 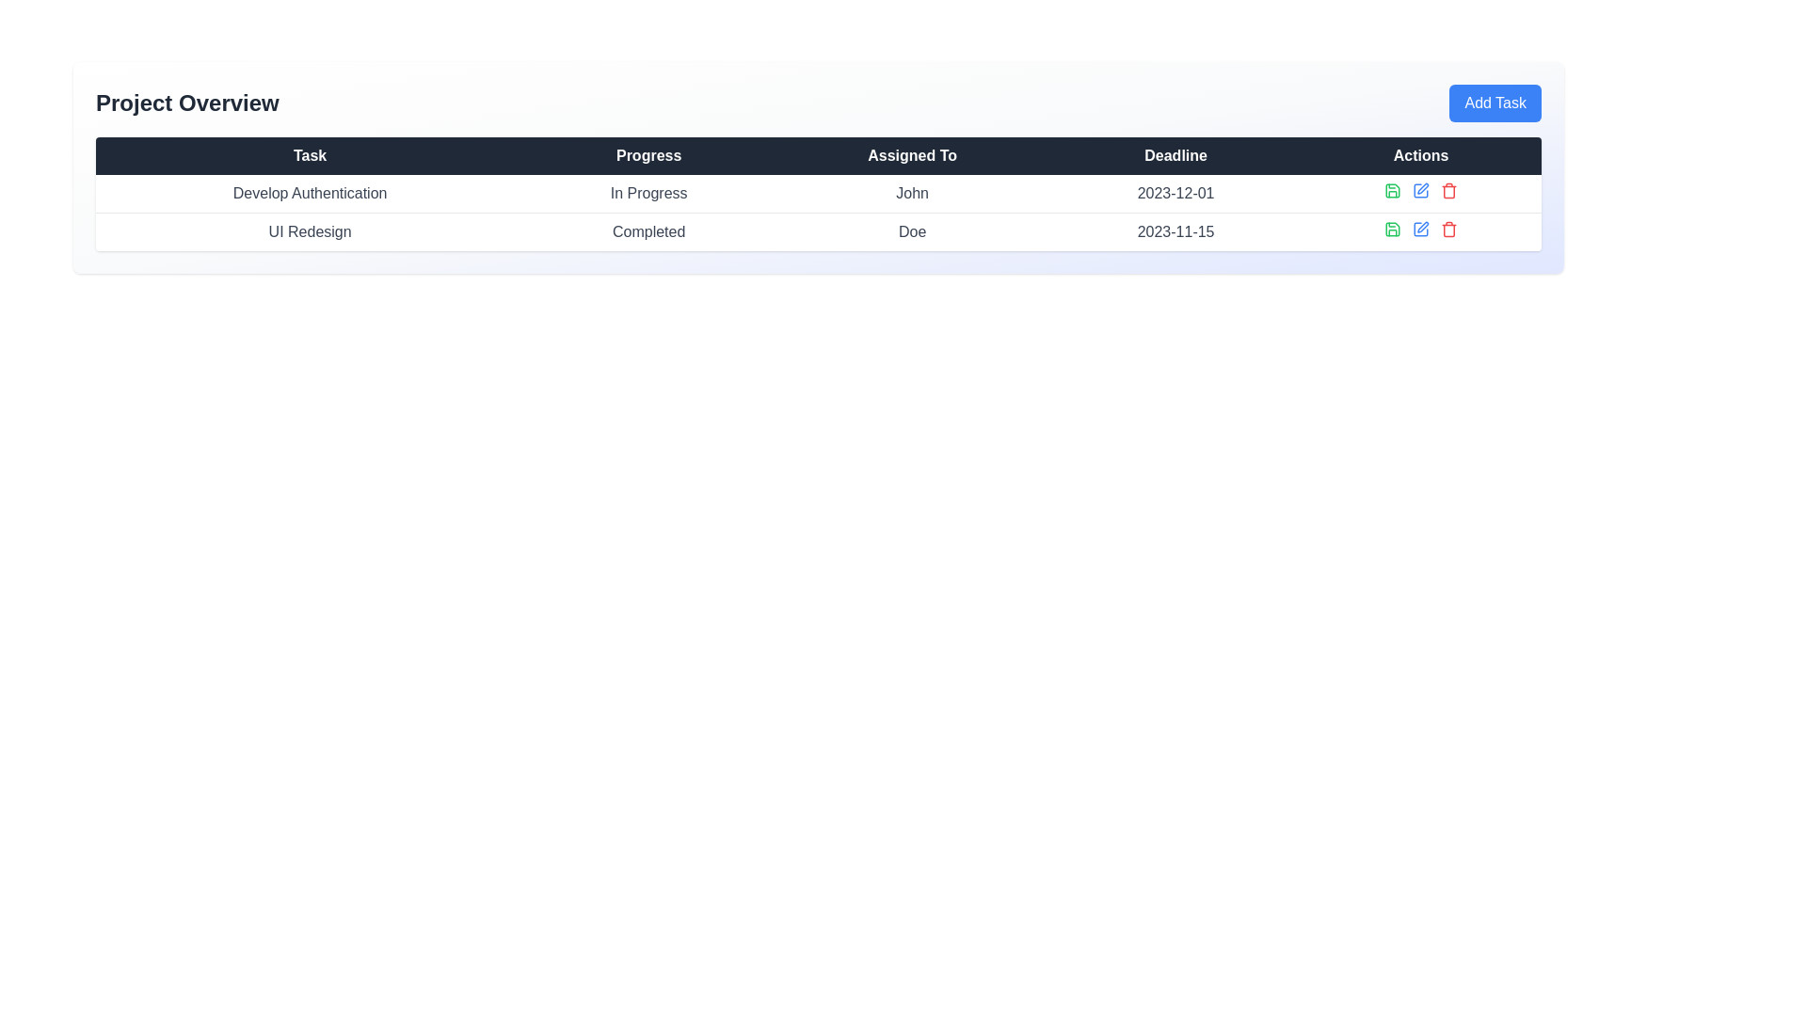 I want to click on the small pen icon located in the Actions column of the second row of the table, so click(x=1423, y=226).